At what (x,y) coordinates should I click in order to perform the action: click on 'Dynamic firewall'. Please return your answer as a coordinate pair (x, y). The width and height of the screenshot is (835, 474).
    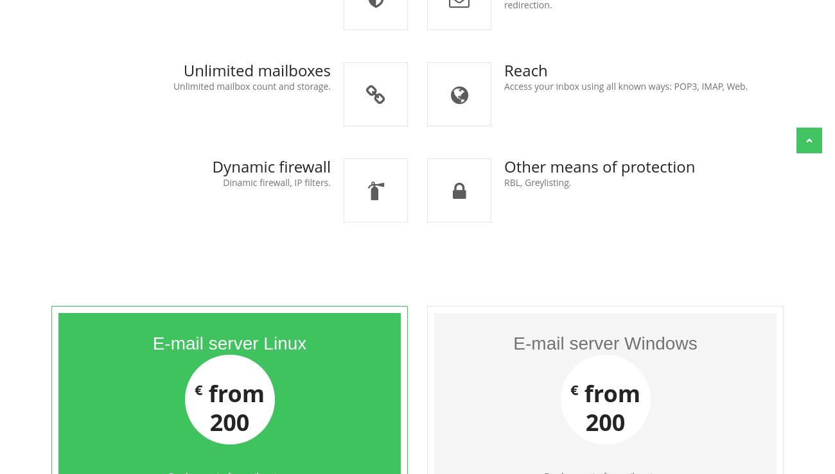
    Looking at the image, I should click on (271, 166).